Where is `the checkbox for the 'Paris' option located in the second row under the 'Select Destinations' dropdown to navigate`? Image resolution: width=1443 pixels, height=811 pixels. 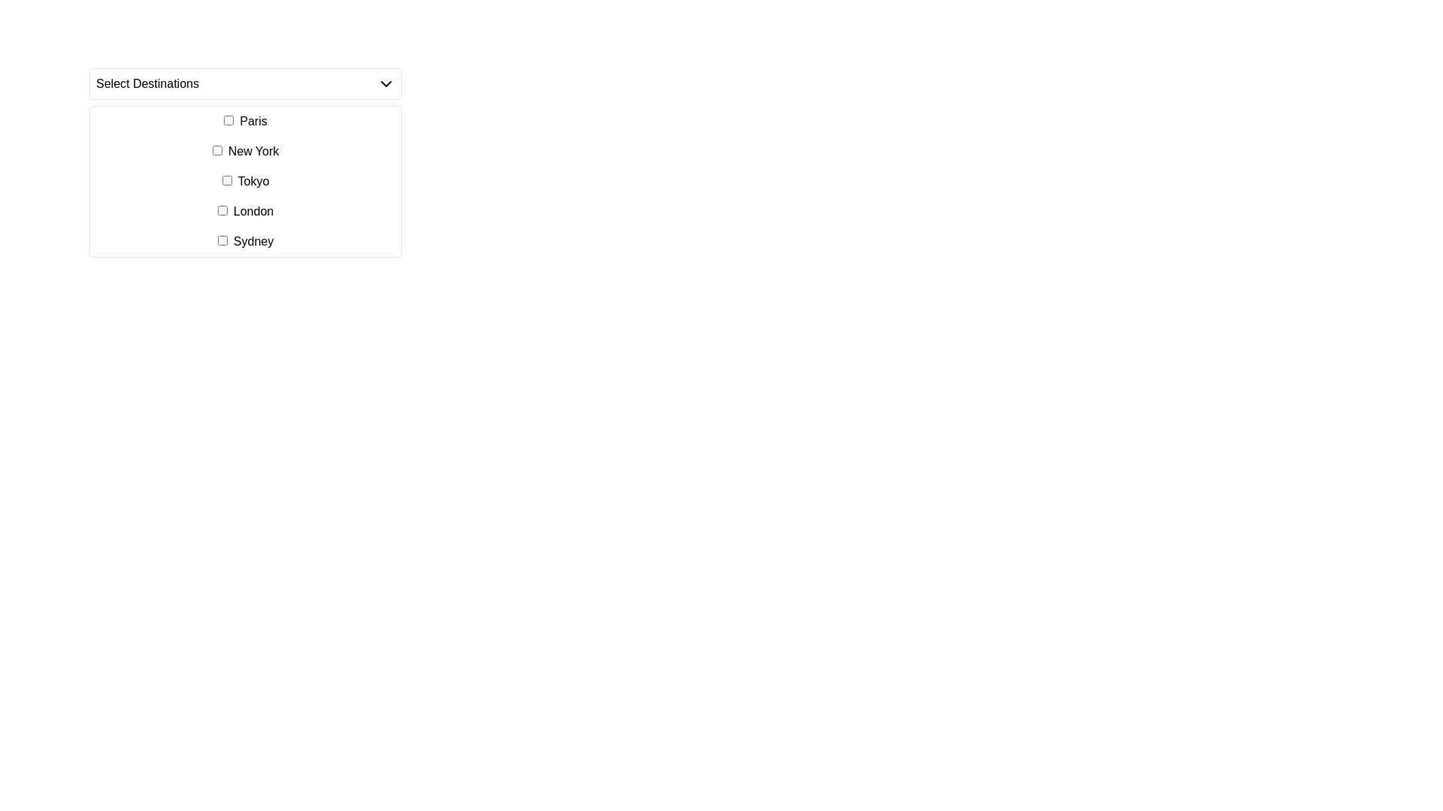
the checkbox for the 'Paris' option located in the second row under the 'Select Destinations' dropdown to navigate is located at coordinates (228, 119).